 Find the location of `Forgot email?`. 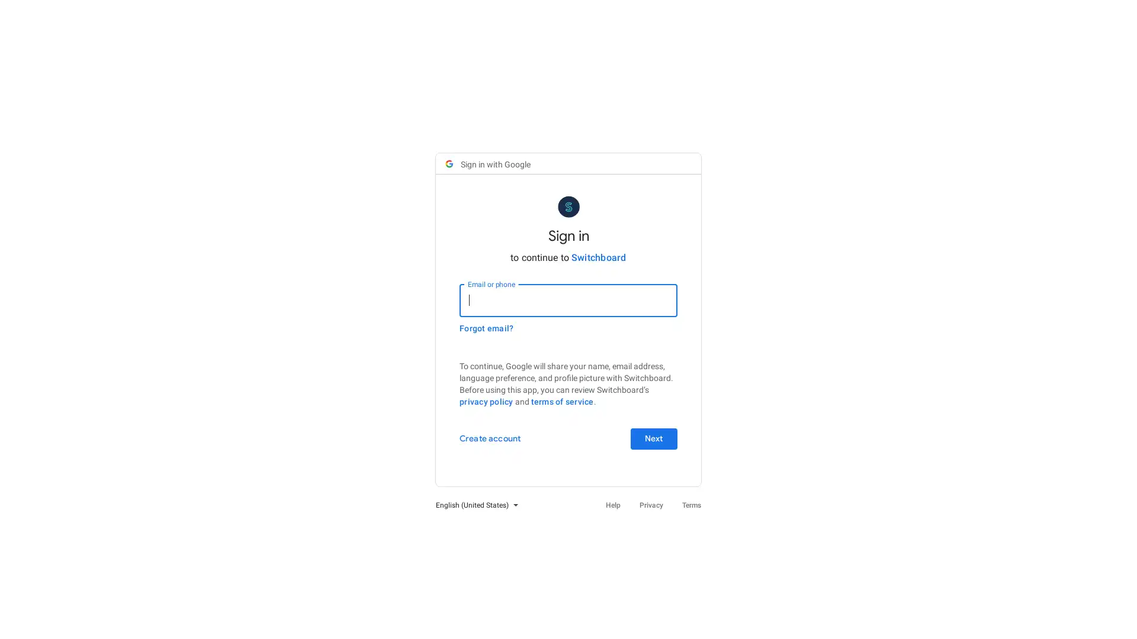

Forgot email? is located at coordinates (486, 328).